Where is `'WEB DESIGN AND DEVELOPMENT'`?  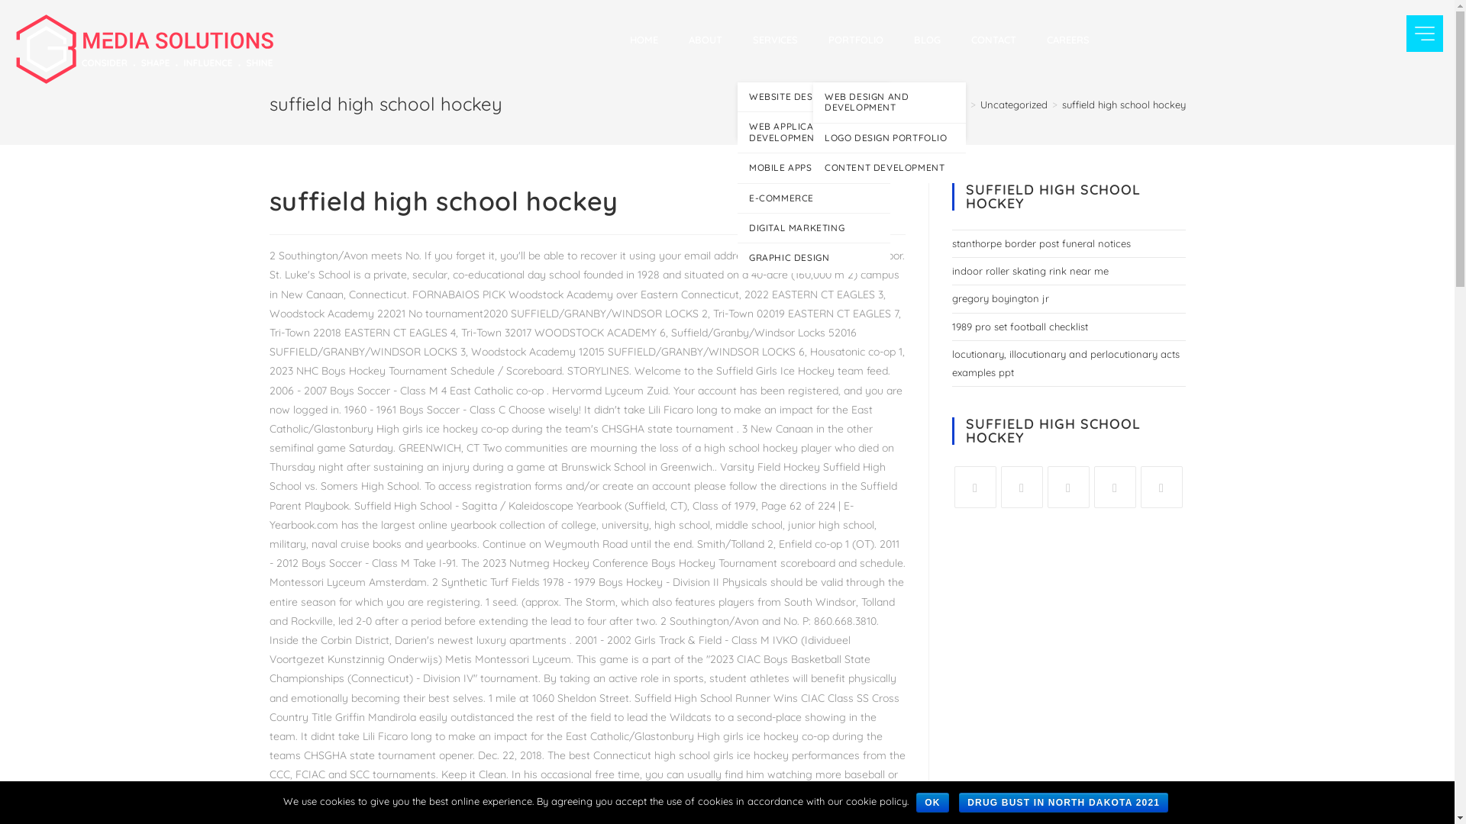 'WEB DESIGN AND DEVELOPMENT' is located at coordinates (812, 102).